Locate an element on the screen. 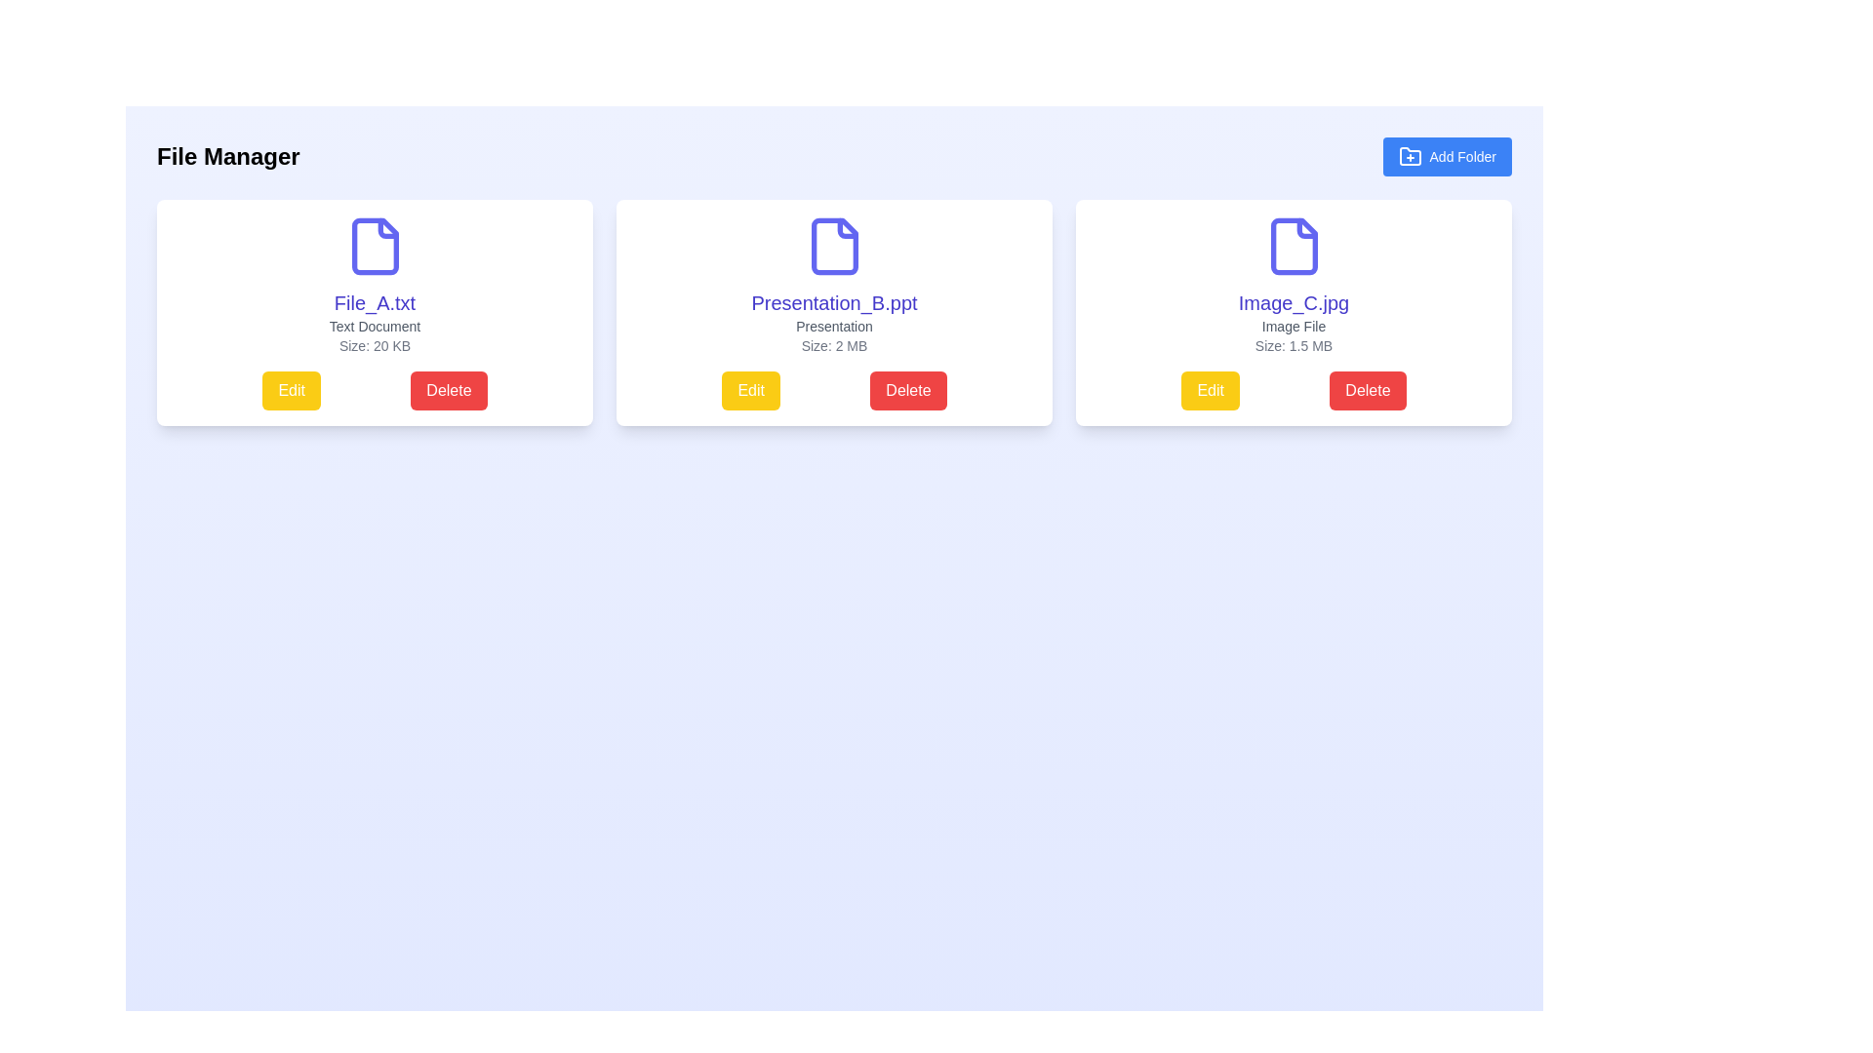 The height and width of the screenshot is (1053, 1873). the static text label displaying 'File_A.txt' to trigger a visual highlight or tooltip is located at coordinates (375, 303).